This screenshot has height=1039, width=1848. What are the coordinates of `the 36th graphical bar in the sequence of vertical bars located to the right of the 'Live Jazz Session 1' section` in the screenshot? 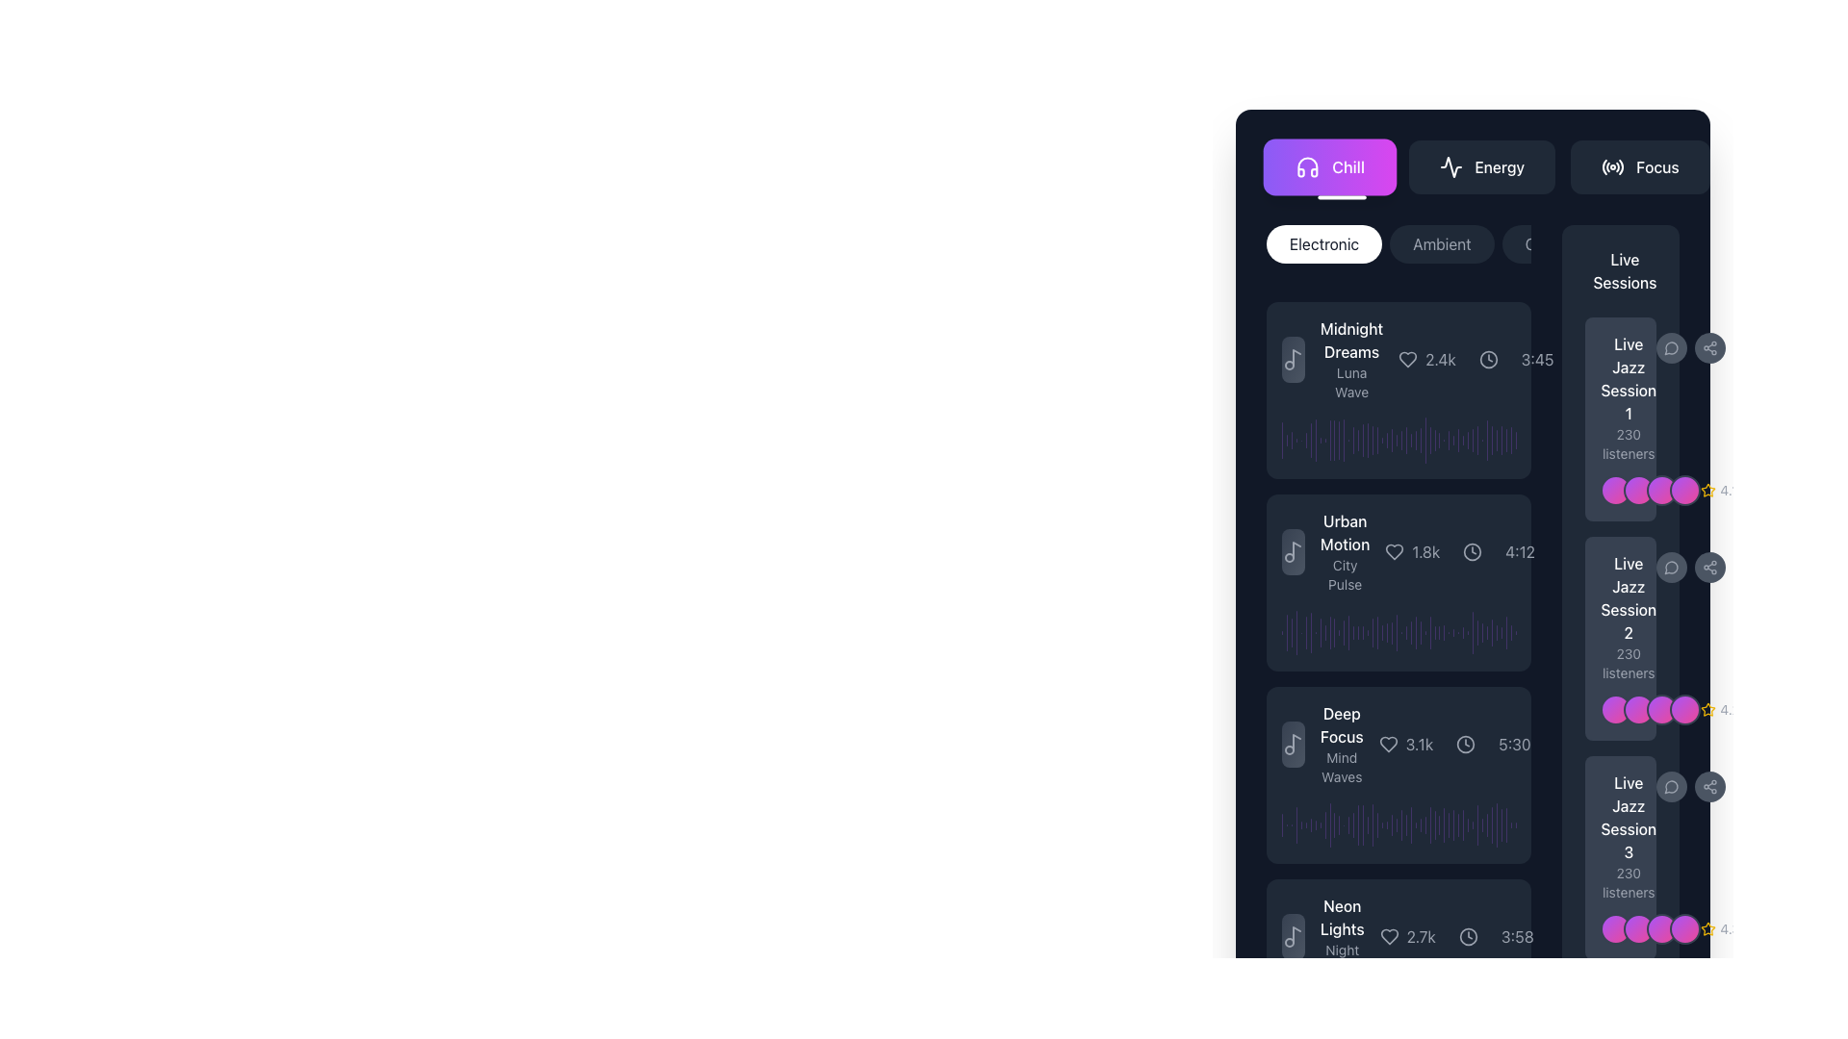 It's located at (1486, 441).